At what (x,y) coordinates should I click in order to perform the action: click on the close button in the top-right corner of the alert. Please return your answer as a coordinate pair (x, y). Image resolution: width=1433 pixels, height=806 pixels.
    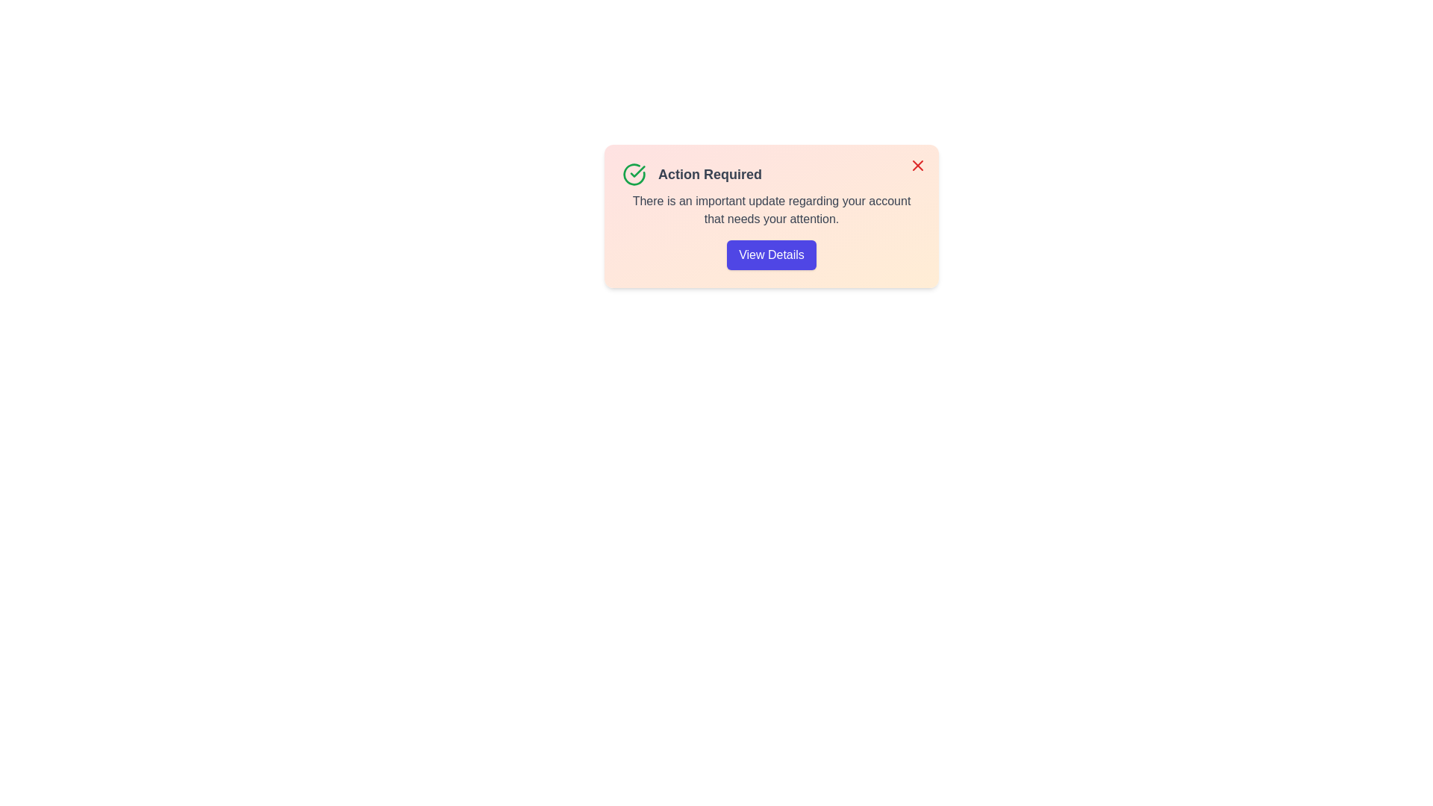
    Looking at the image, I should click on (917, 166).